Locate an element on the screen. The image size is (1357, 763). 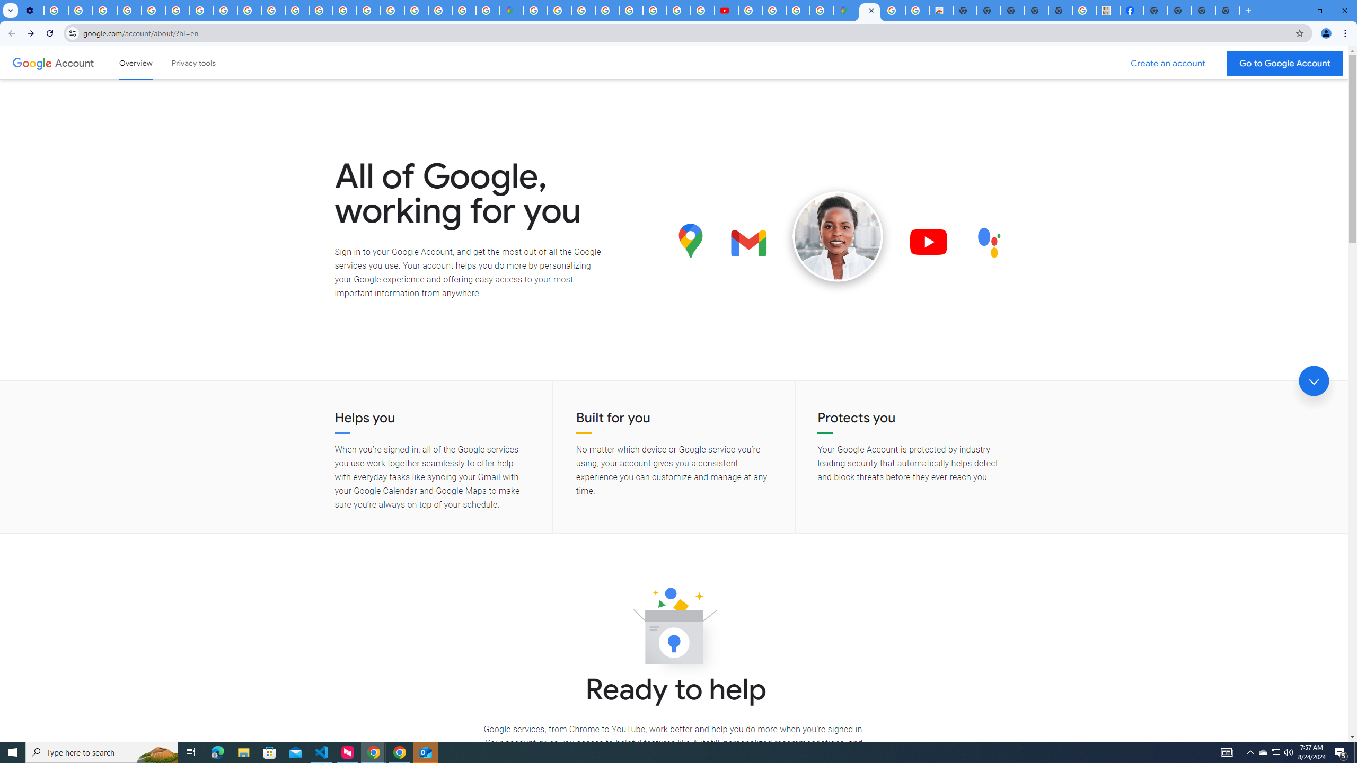
'Ready to help' is located at coordinates (674, 629).